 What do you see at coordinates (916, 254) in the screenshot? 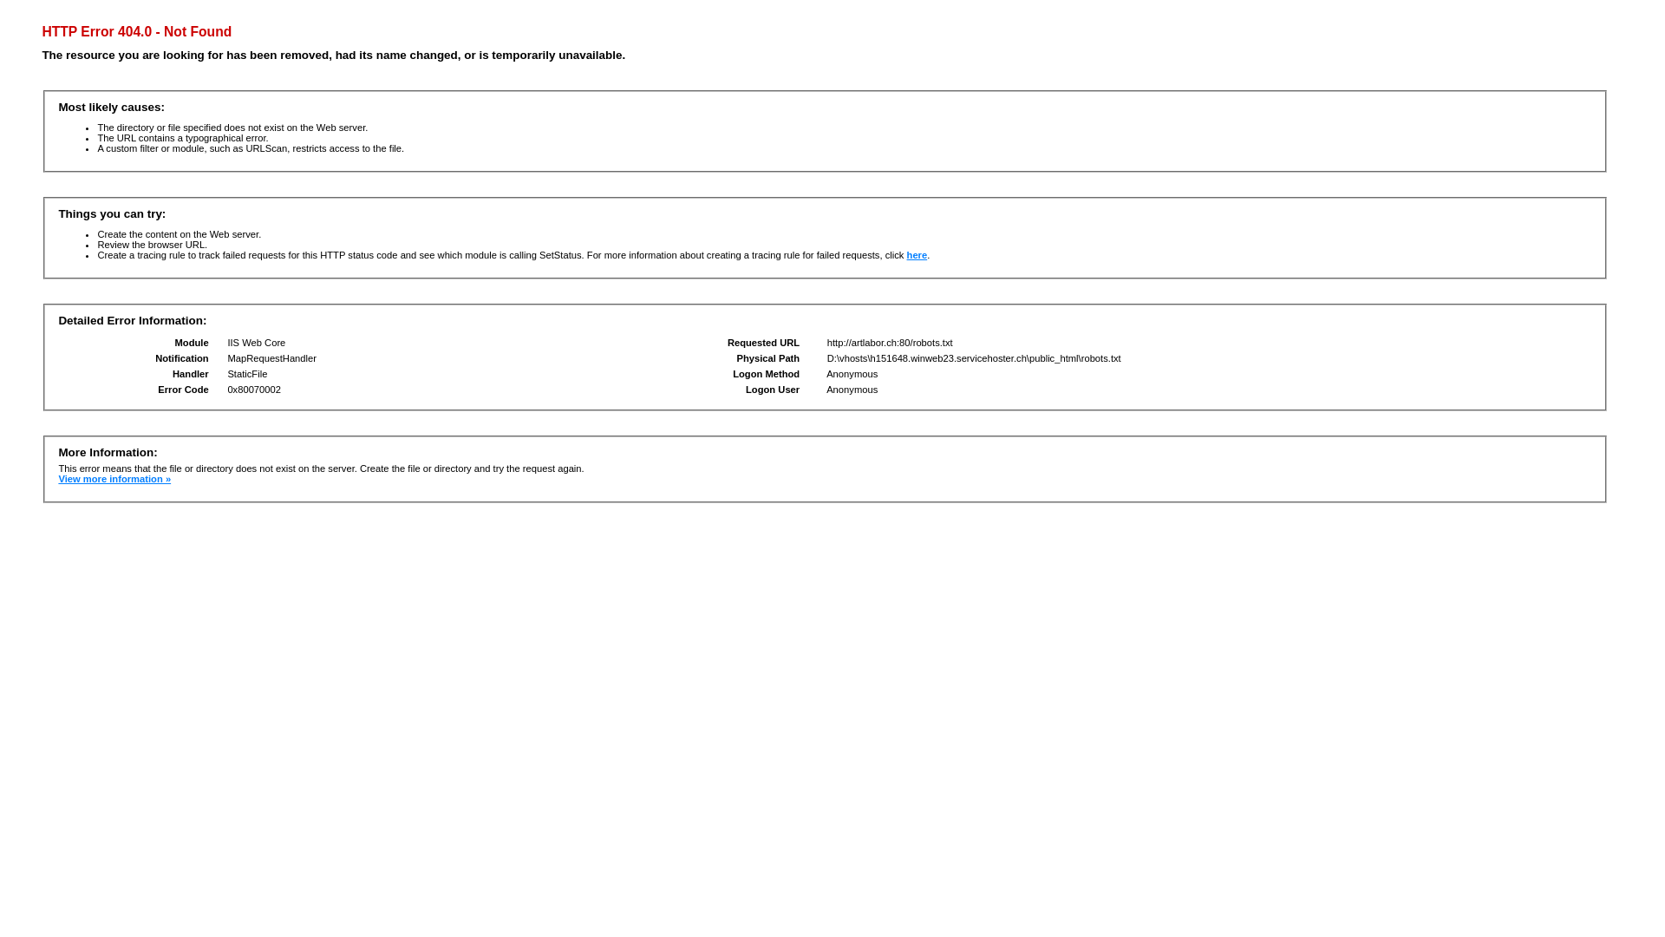
I see `'here'` at bounding box center [916, 254].